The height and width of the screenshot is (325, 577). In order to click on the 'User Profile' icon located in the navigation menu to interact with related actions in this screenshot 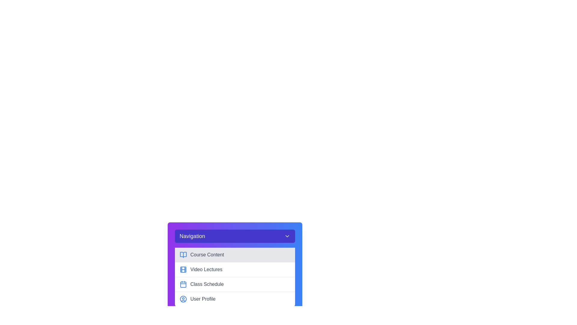, I will do `click(183, 299)`.